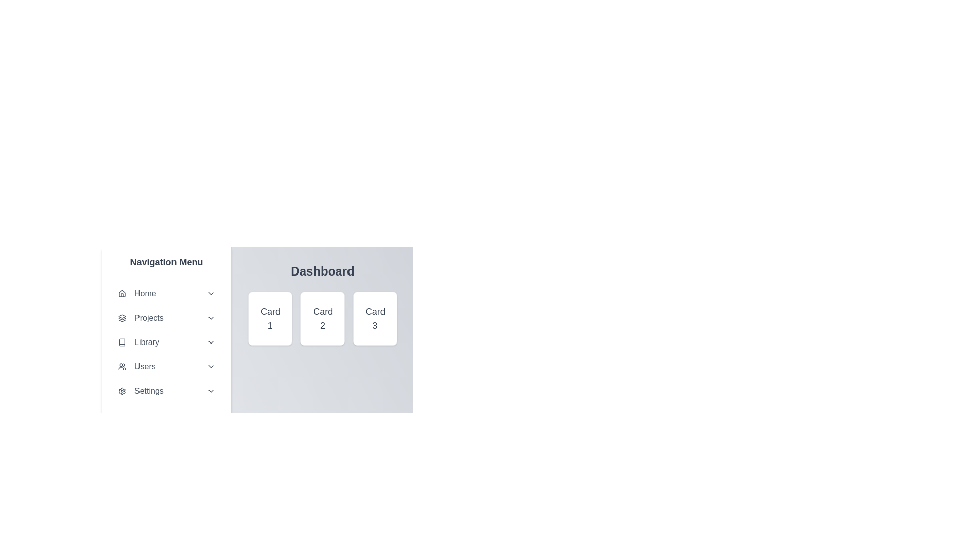  I want to click on the 'Home' icon in the vertical navigation menu which resembles a house outline, so click(122, 293).